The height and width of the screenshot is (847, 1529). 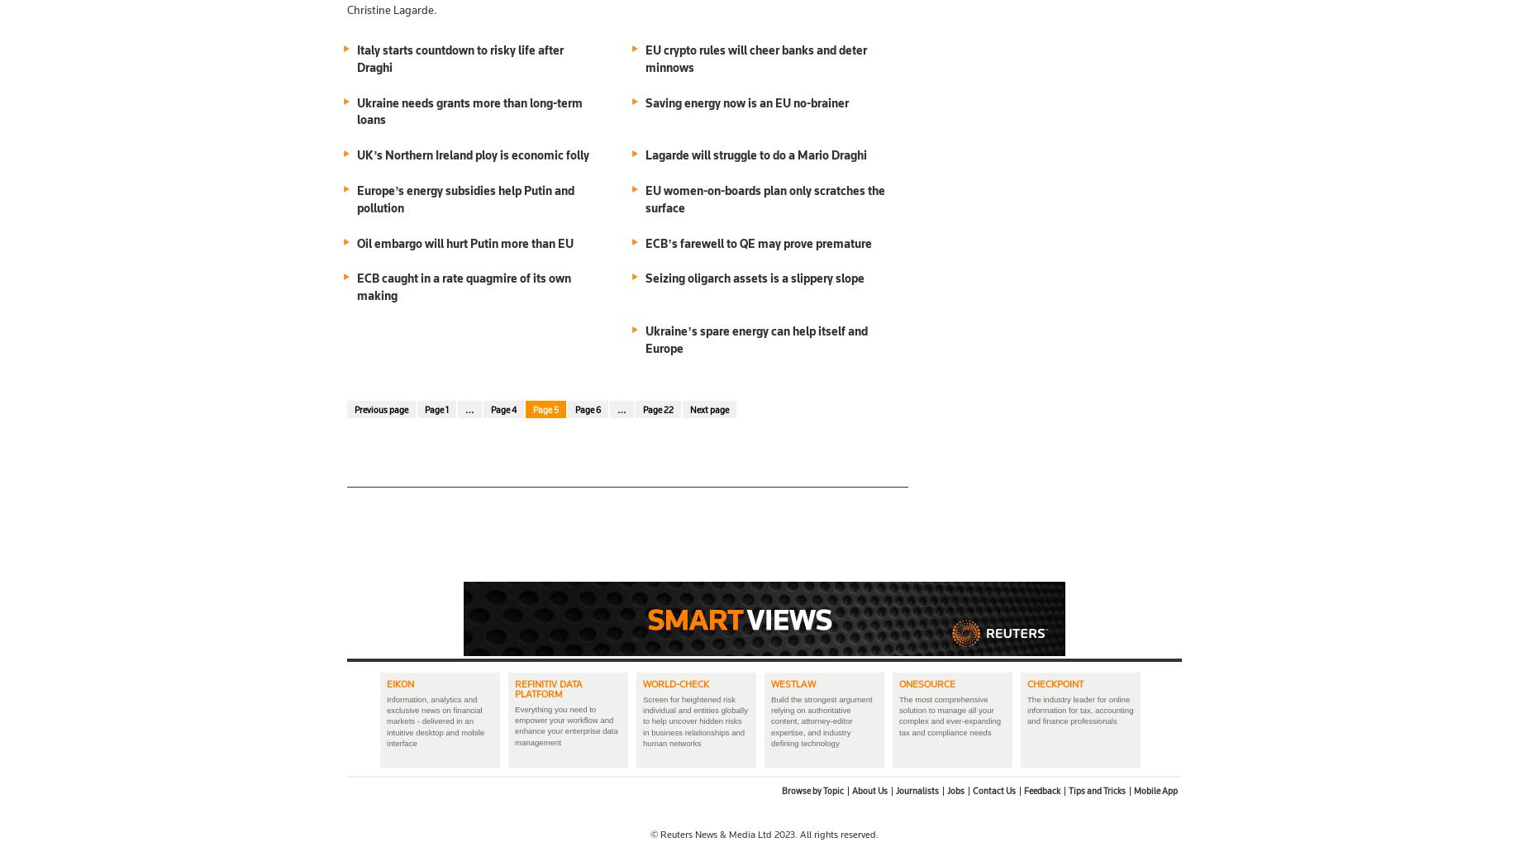 I want to click on 'About Us', so click(x=869, y=790).